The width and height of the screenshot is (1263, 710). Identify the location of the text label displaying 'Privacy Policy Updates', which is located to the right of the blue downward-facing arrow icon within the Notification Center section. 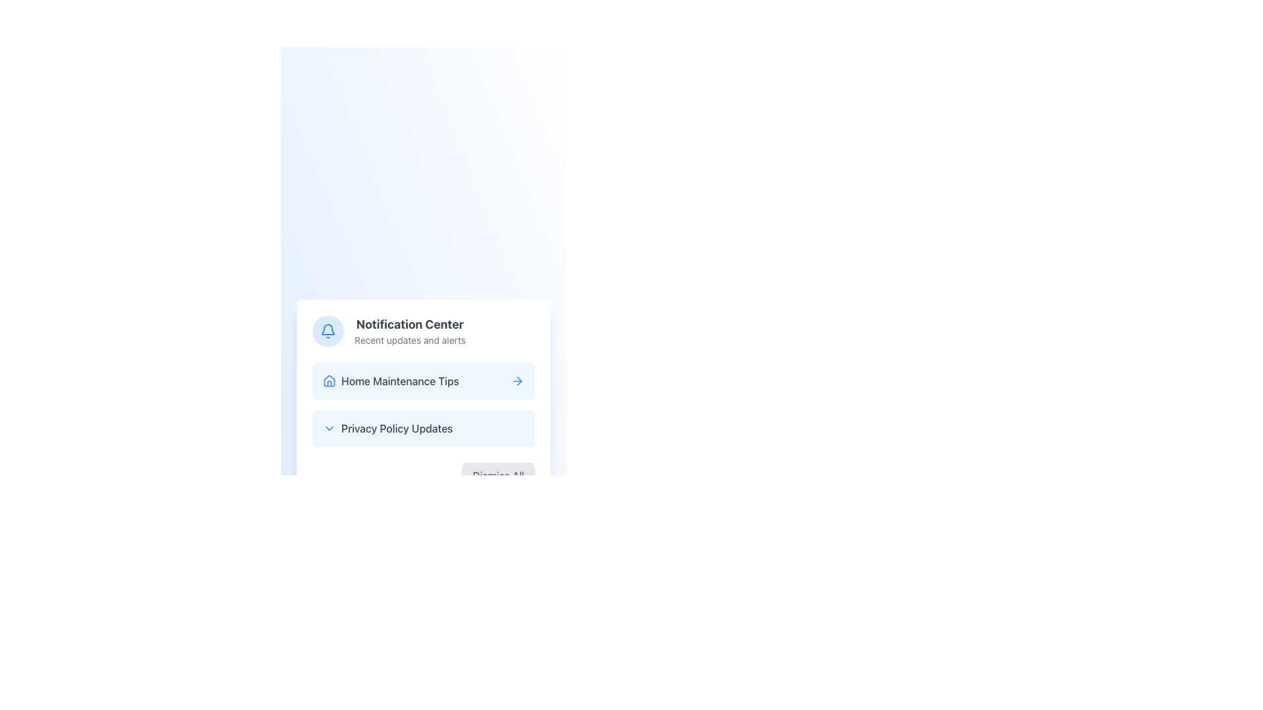
(396, 428).